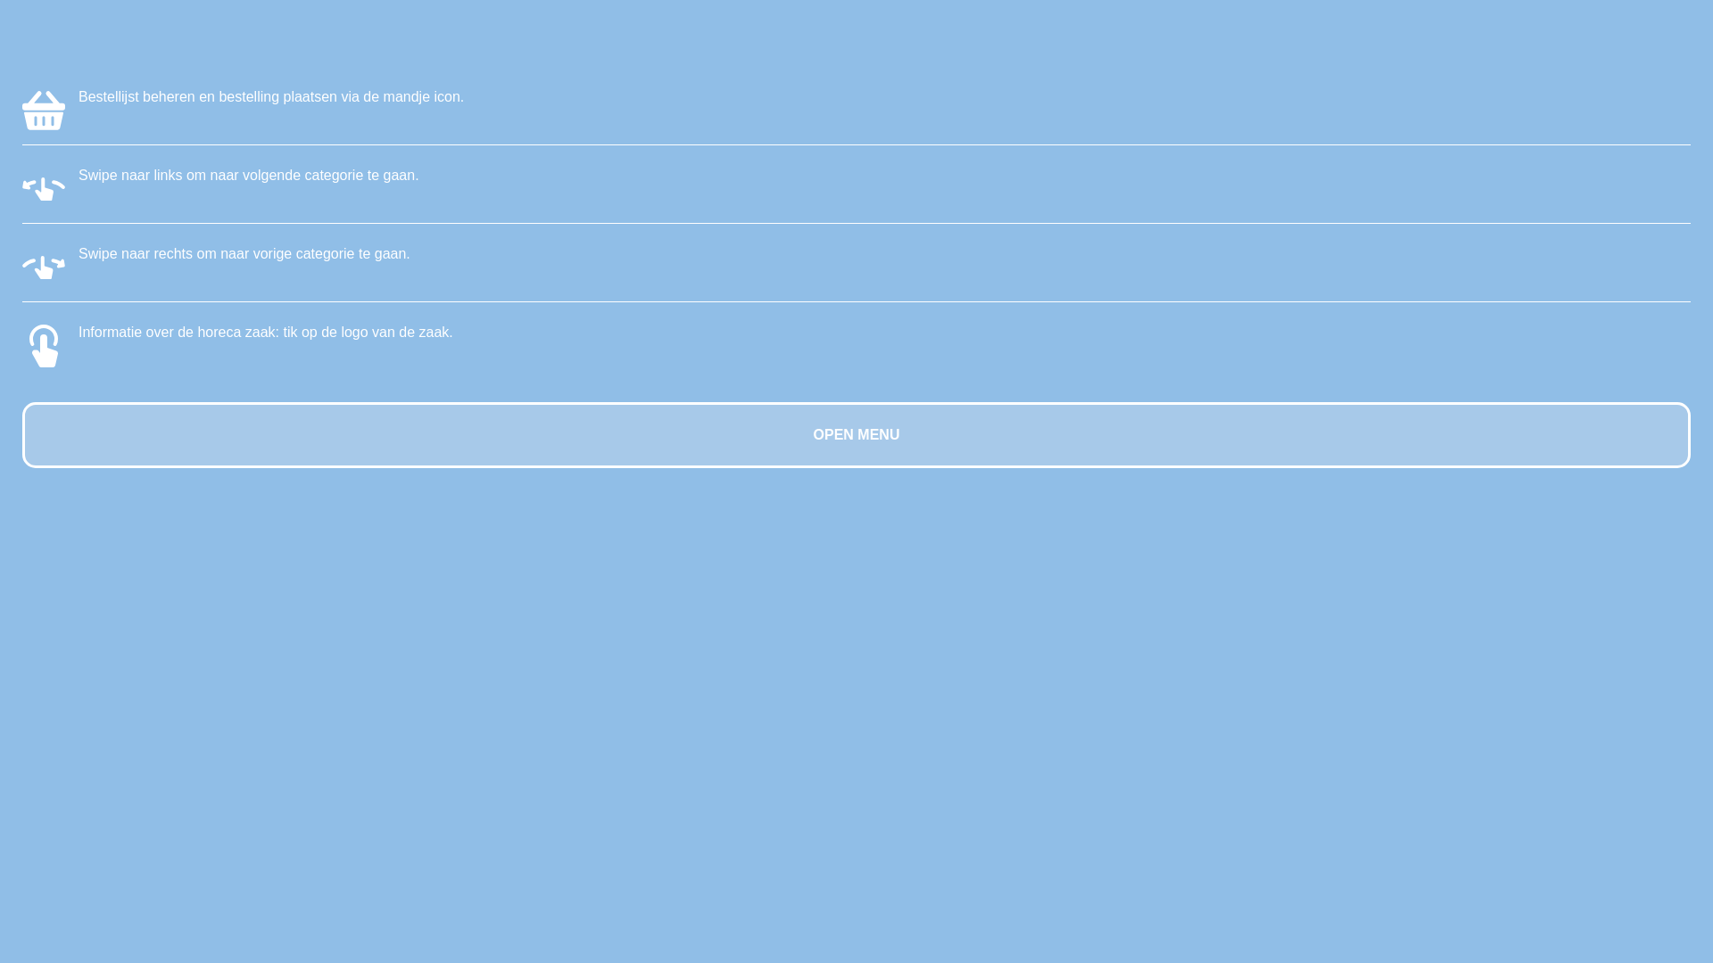  I want to click on 'OPEN MENU', so click(856, 435).